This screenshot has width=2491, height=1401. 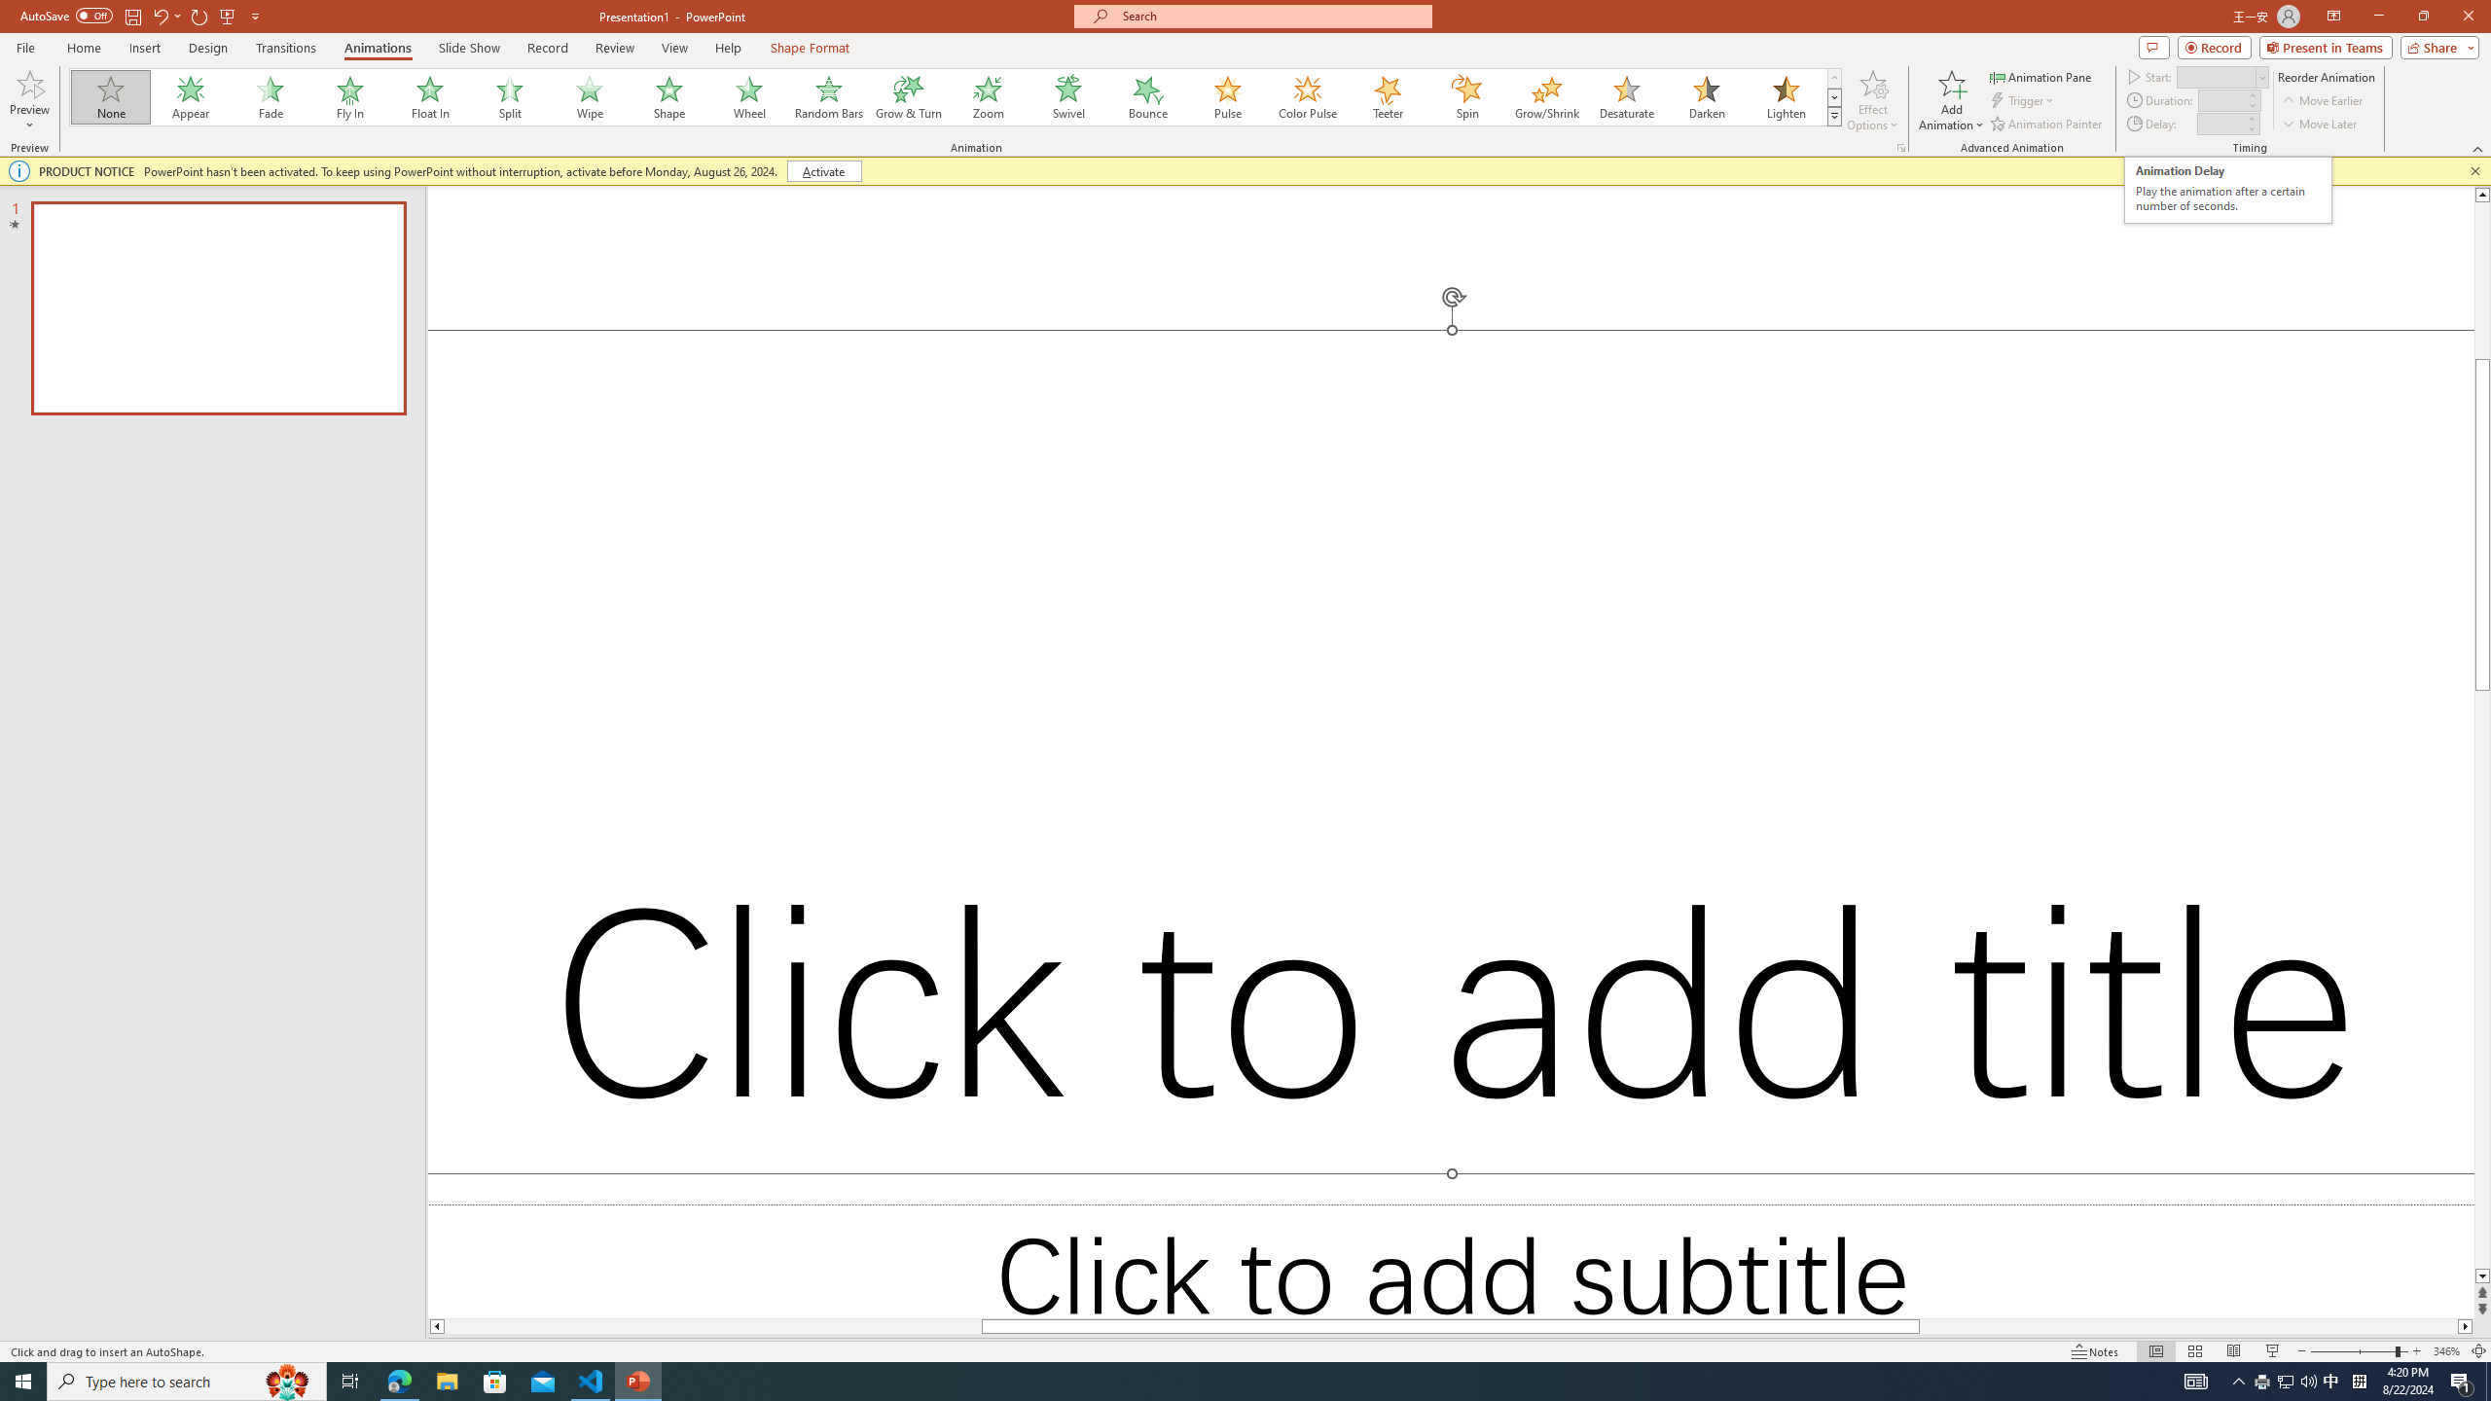 What do you see at coordinates (1147, 96) in the screenshot?
I see `'Bounce'` at bounding box center [1147, 96].